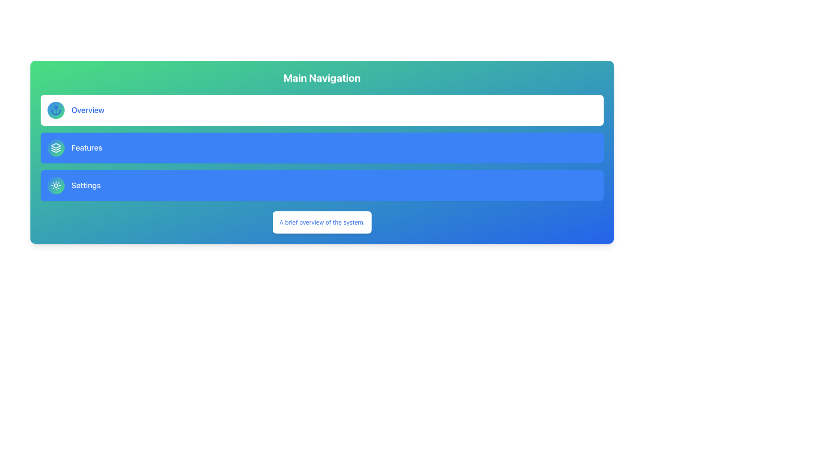 This screenshot has width=822, height=462. I want to click on the circular icon with a gradient background transitioning from blue to green, which is located in the 'Features' navigation row before the text label 'Features', so click(55, 148).